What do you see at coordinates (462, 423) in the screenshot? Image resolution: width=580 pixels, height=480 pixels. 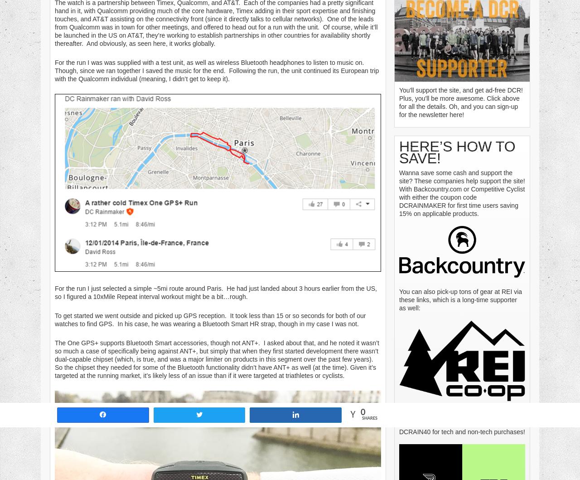 I see `'With TPC (The Pro's Closet), you'll save $40 on purchases over $200 with coupon code DCRAIN40 for tech and non-tech purchases!'` at bounding box center [462, 423].